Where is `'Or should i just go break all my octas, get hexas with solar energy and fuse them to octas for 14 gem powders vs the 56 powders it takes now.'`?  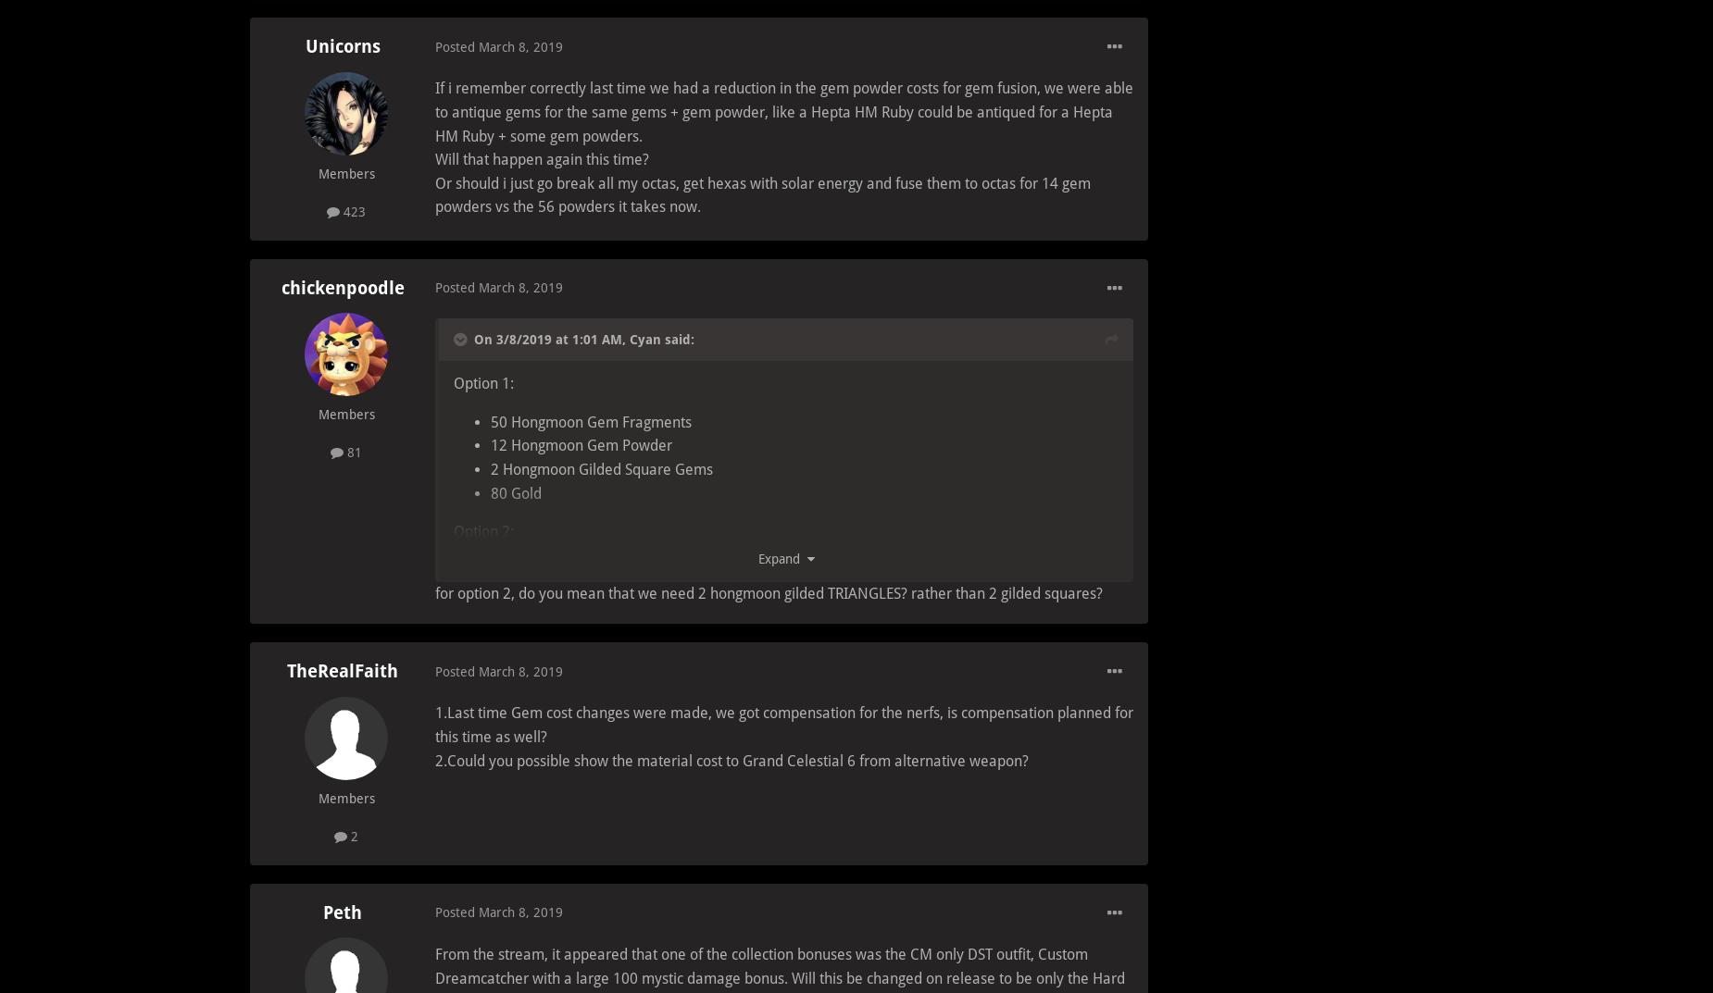 'Or should i just go break all my octas, get hexas with solar energy and fuse them to octas for 14 gem powders vs the 56 powders it takes now.' is located at coordinates (762, 194).